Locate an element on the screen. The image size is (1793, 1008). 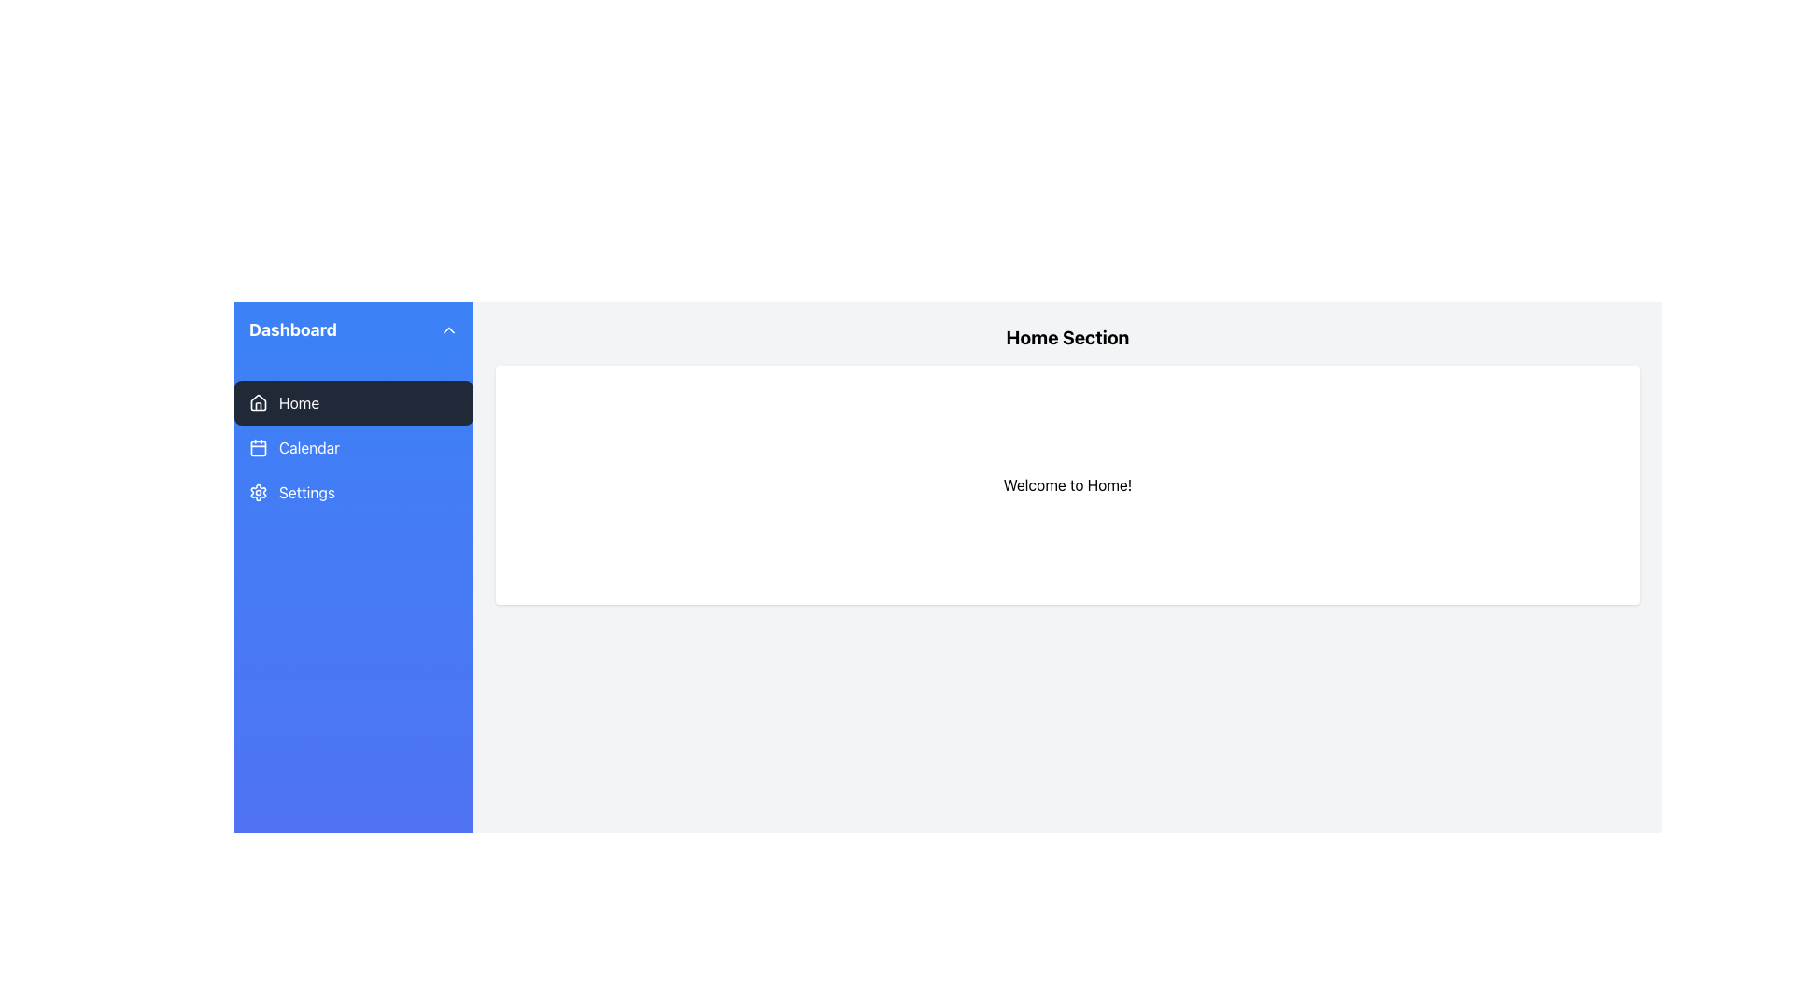
the upward-pointing chevron icon button located in the top-right corner of the sidebar header is located at coordinates (448, 329).